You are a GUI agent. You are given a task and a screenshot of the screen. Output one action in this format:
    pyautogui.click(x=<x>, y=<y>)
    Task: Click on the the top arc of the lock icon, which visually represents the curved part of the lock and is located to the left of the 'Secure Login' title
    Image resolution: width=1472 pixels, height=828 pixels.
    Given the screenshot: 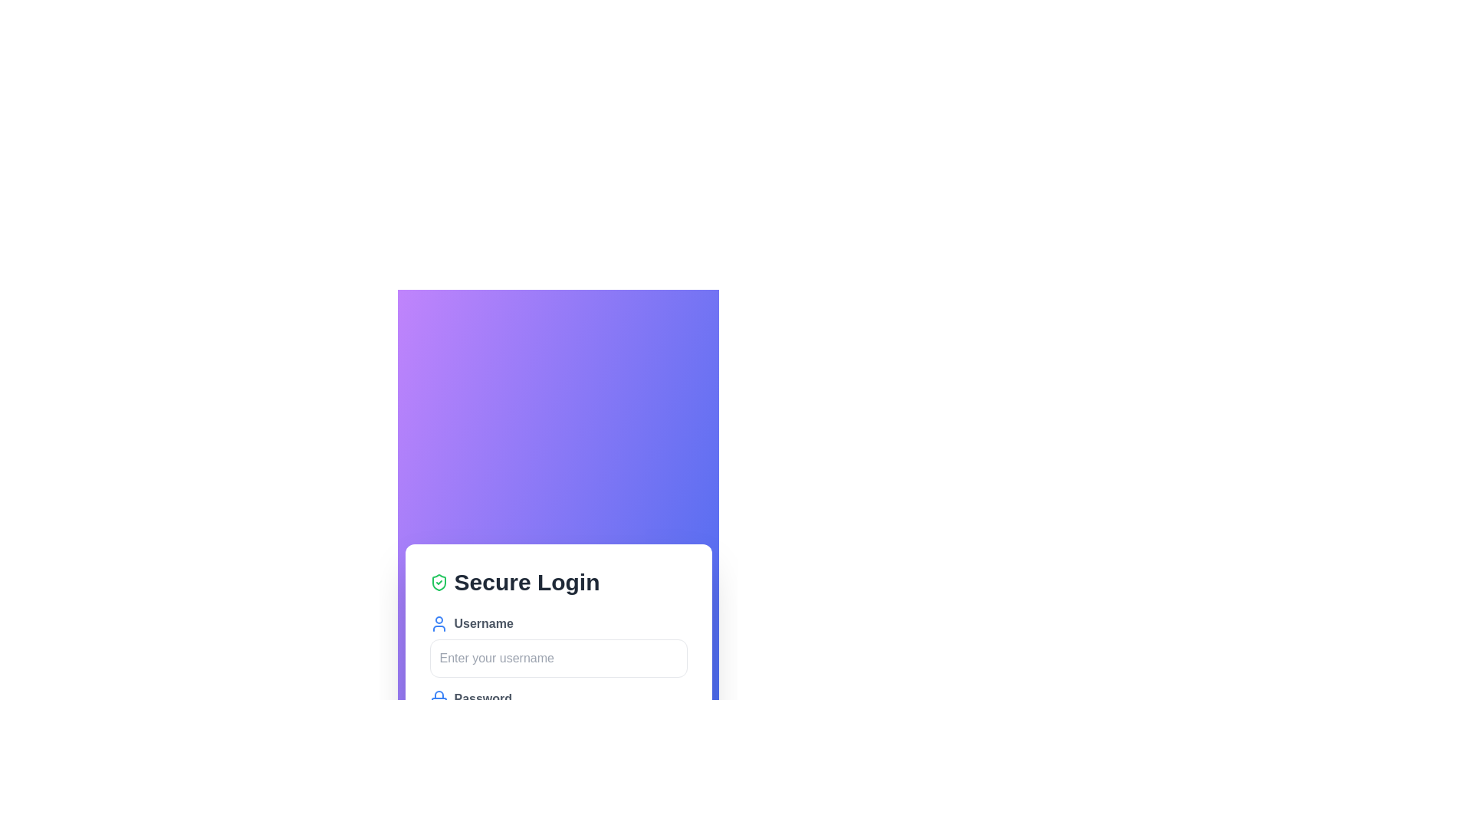 What is the action you would take?
    pyautogui.click(x=438, y=695)
    